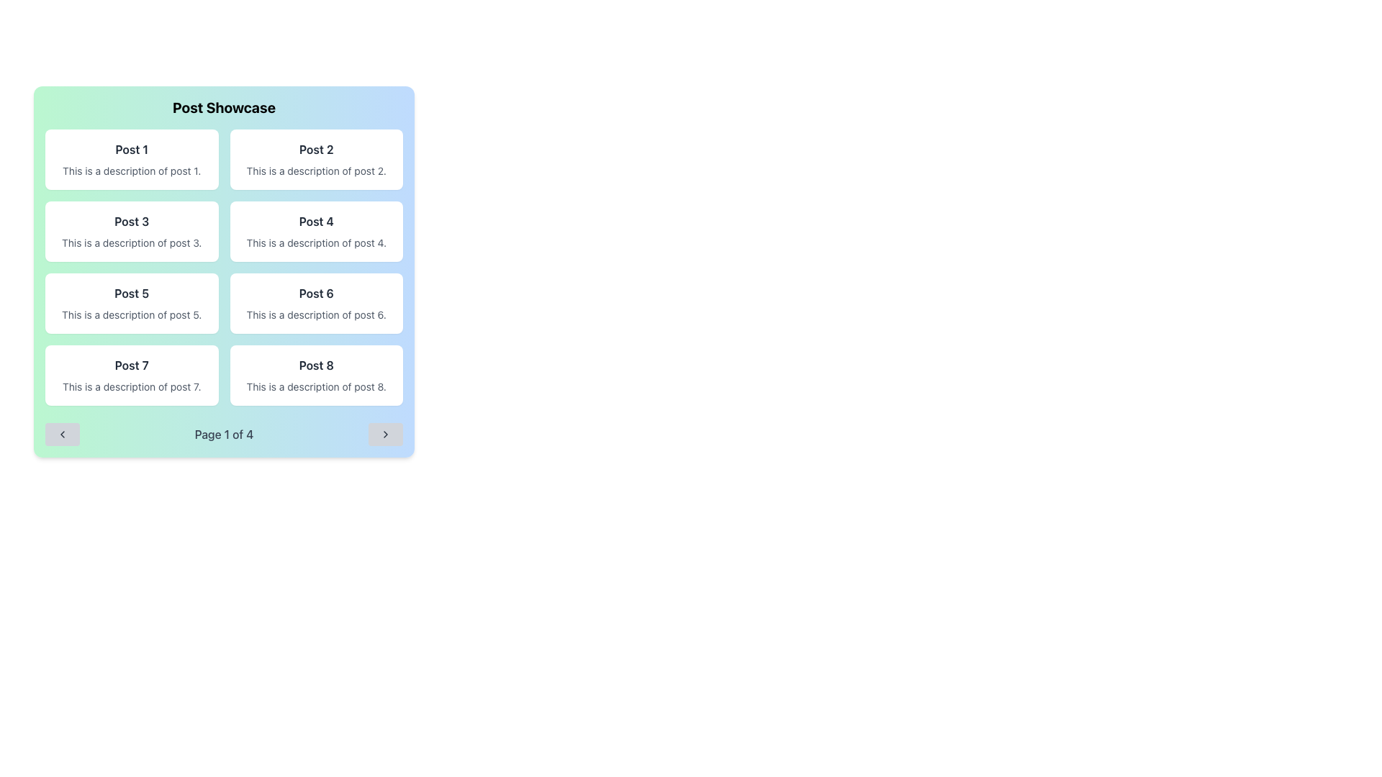 This screenshot has width=1382, height=777. Describe the element at coordinates (132, 242) in the screenshot. I see `the gray text stating 'This is a description of post 3.' located below the bold title 'Post 3' in the third card of a 2x4 grid layout within the 'Post Showcase' section` at that location.